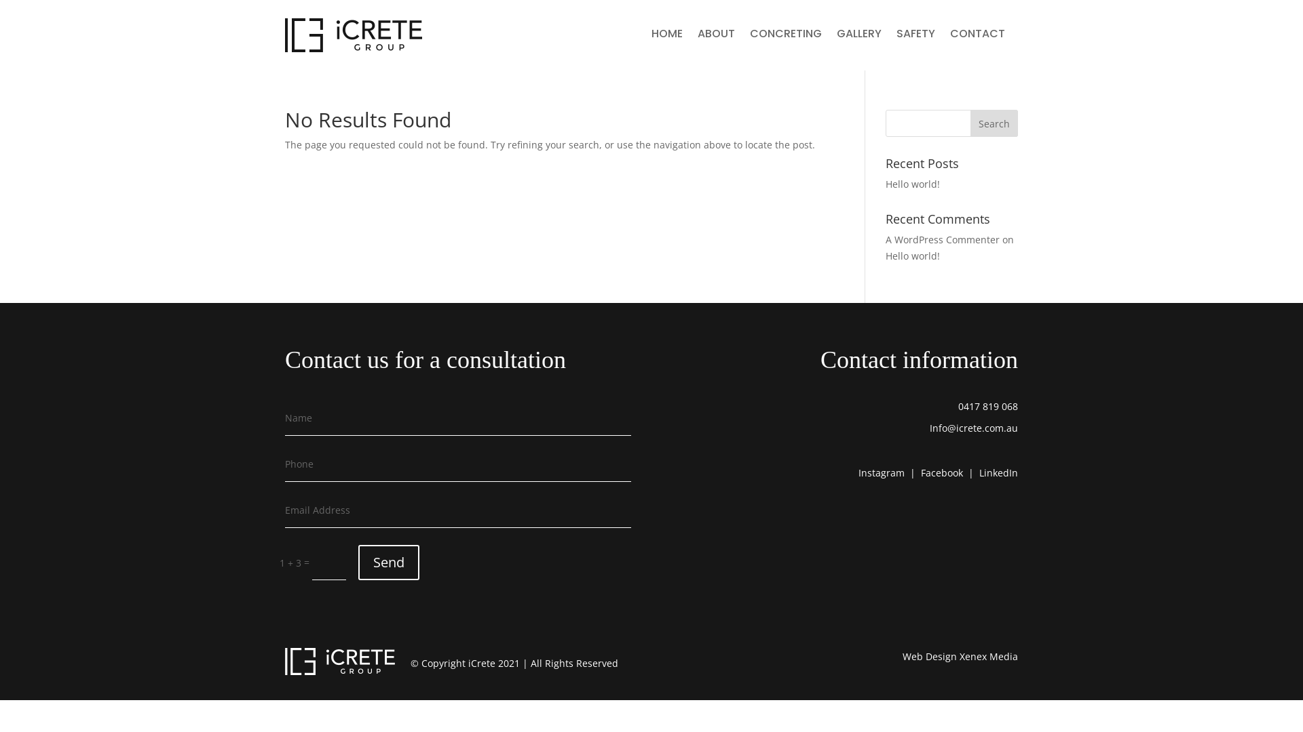 The height and width of the screenshot is (732, 1303). What do you see at coordinates (977, 36) in the screenshot?
I see `'CONTACT'` at bounding box center [977, 36].